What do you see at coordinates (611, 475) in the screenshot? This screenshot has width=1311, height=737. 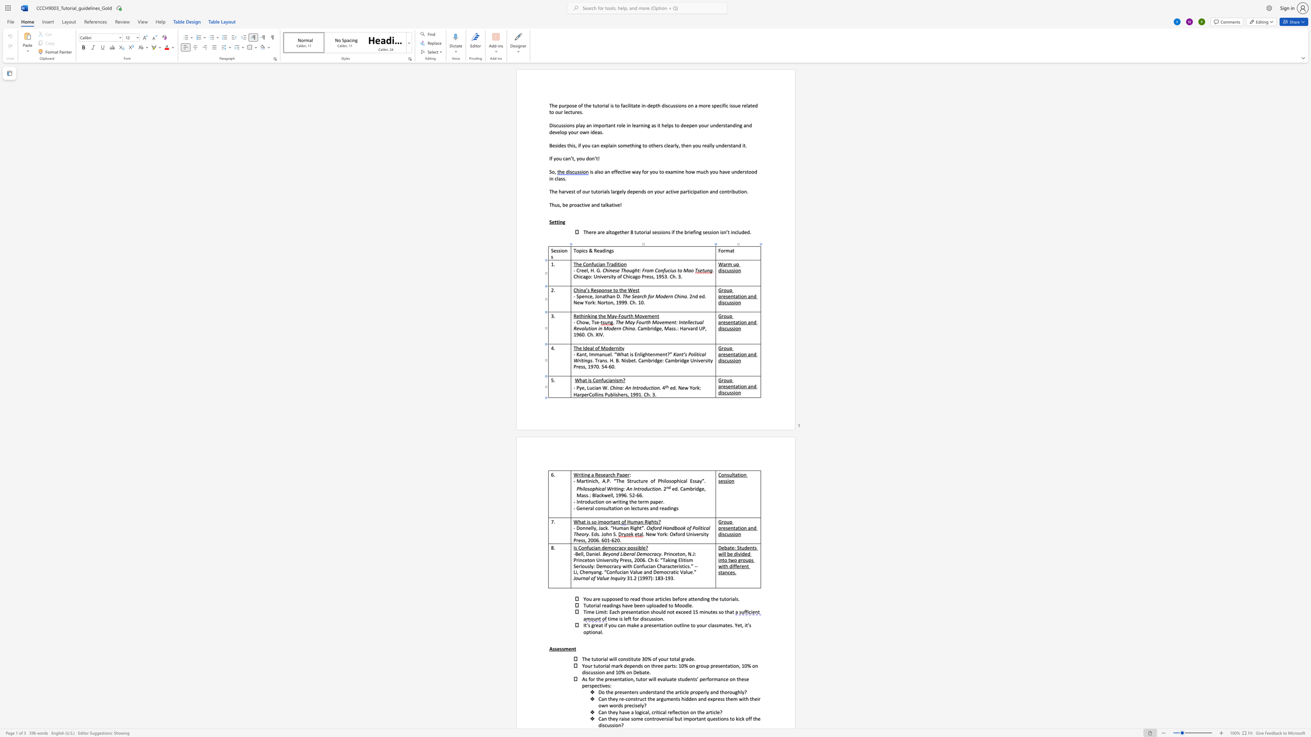 I see `the 1th character "c" in the text` at bounding box center [611, 475].